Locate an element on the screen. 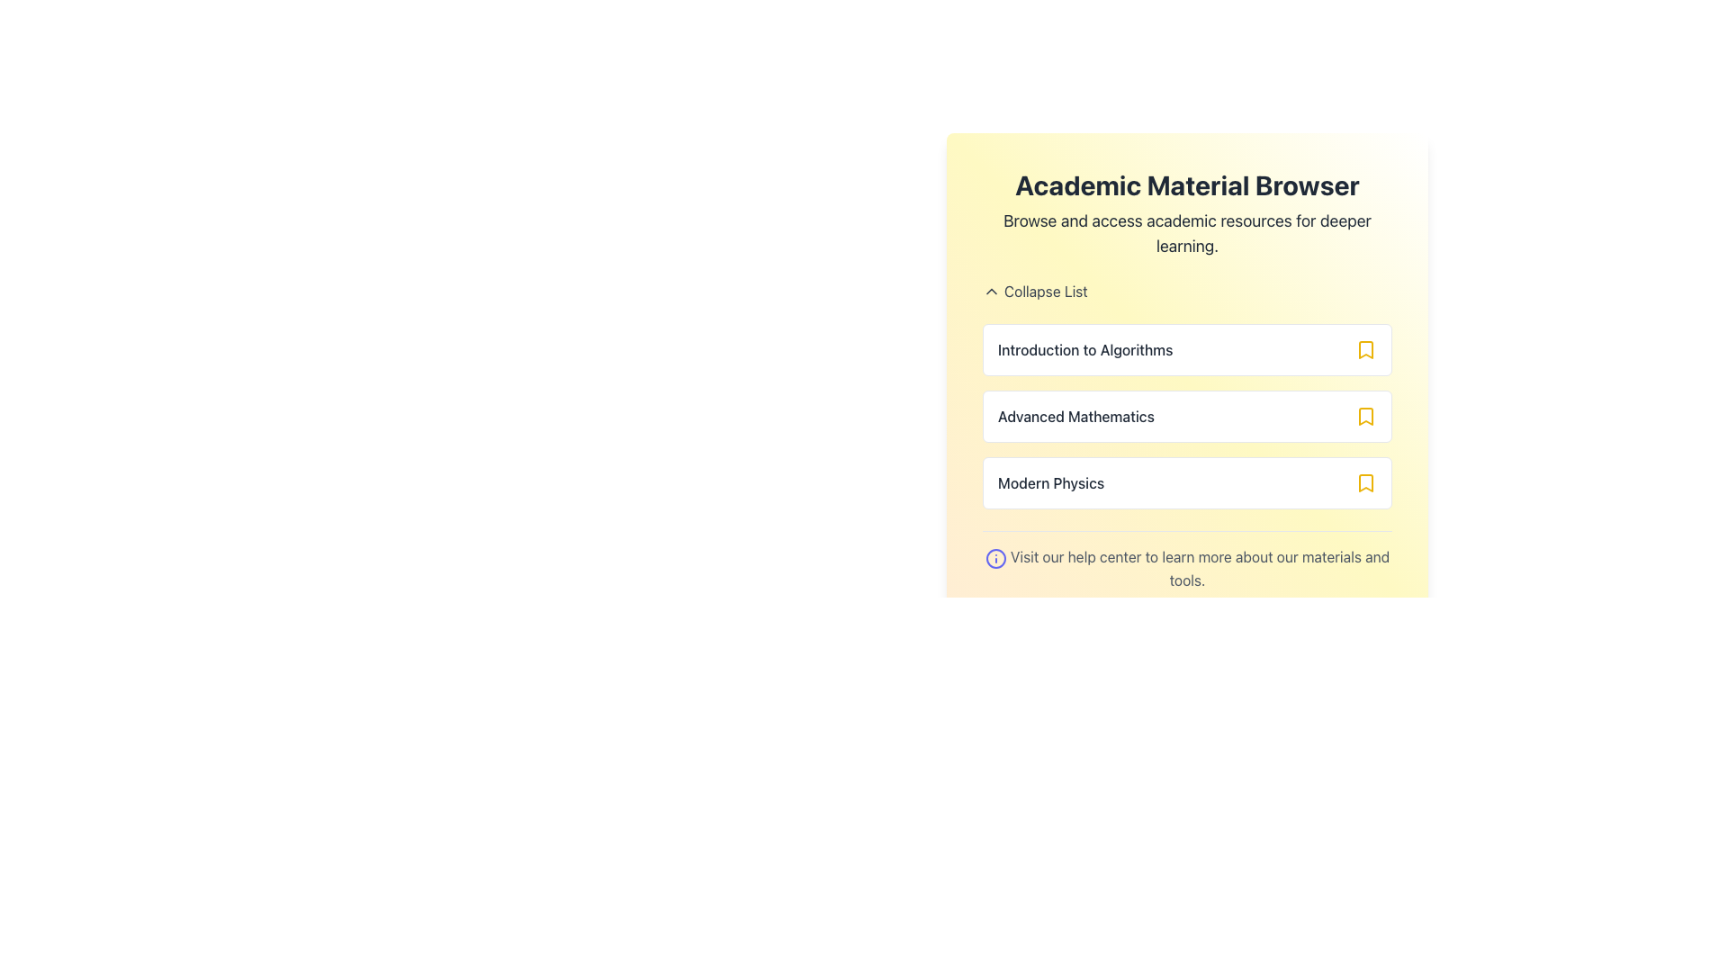  the List item labeled 'Introduction to Algorithms' is located at coordinates (1187, 350).